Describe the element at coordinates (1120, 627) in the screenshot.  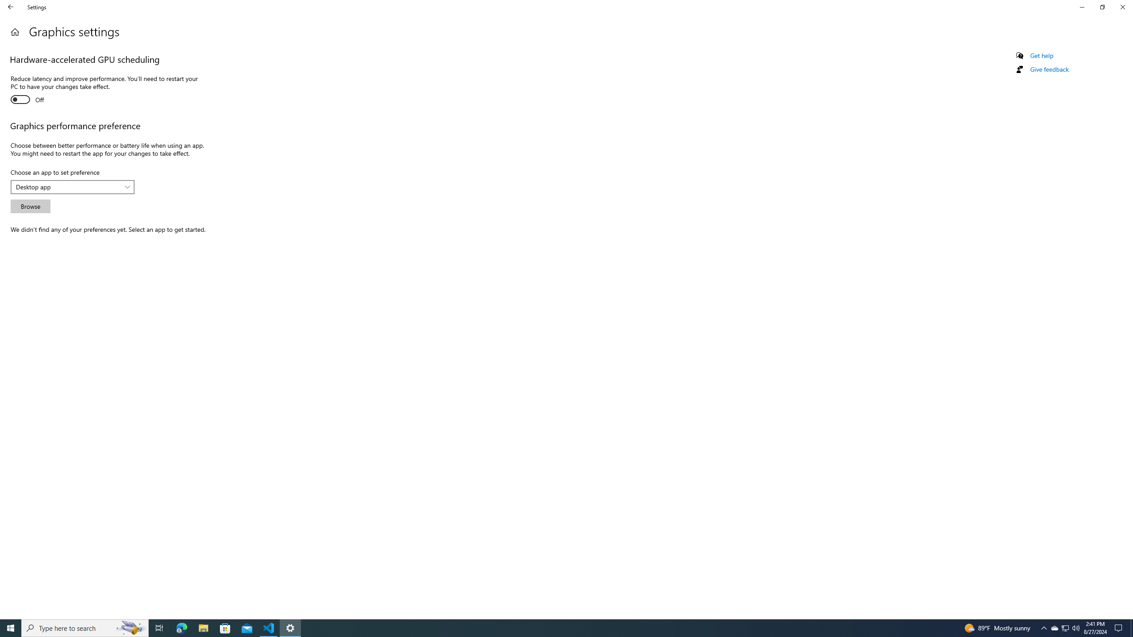
I see `'Action Center, No new notifications'` at that location.